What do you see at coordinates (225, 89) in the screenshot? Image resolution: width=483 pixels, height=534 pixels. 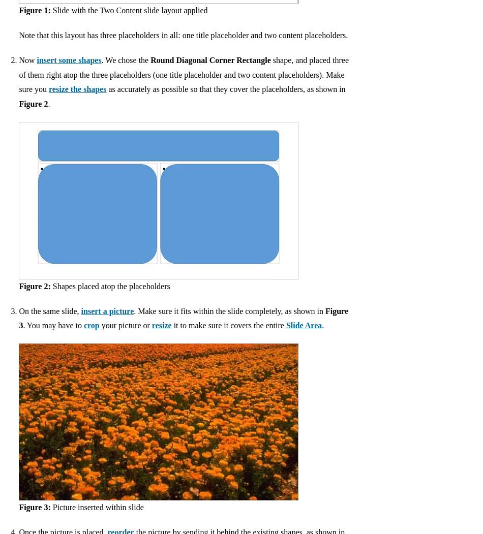 I see `'as accurately as possible so that they cover the
placeholders, as shown in'` at bounding box center [225, 89].